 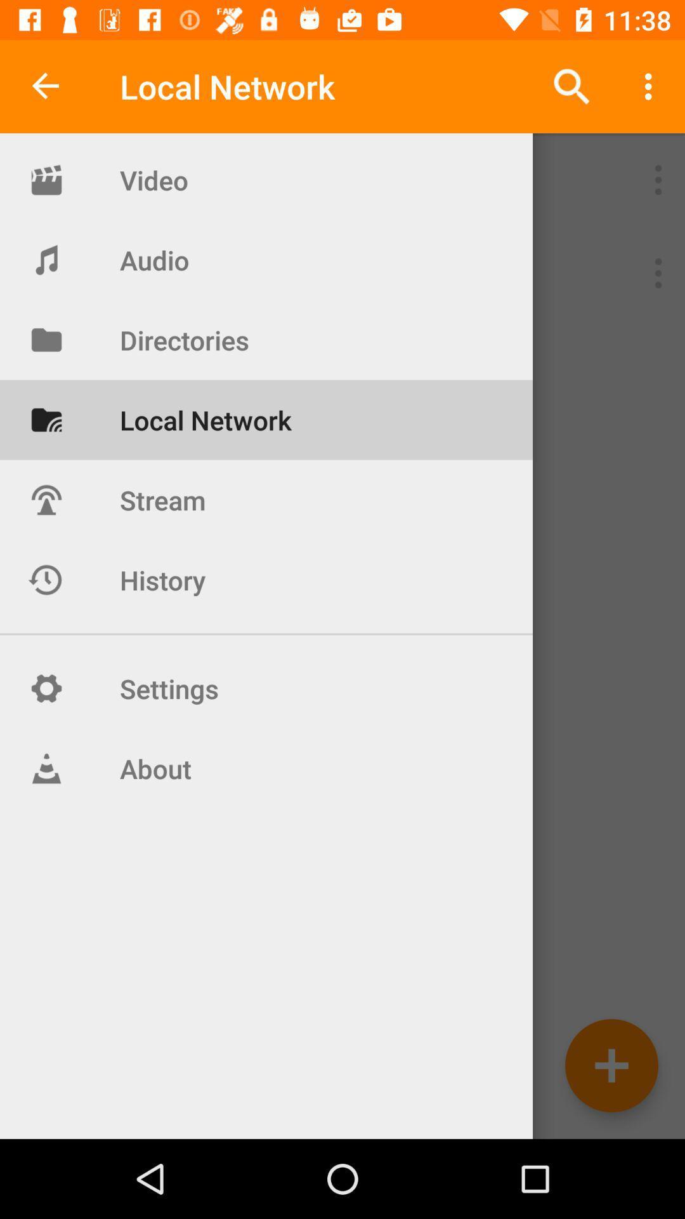 What do you see at coordinates (611, 1065) in the screenshot?
I see `go do add` at bounding box center [611, 1065].